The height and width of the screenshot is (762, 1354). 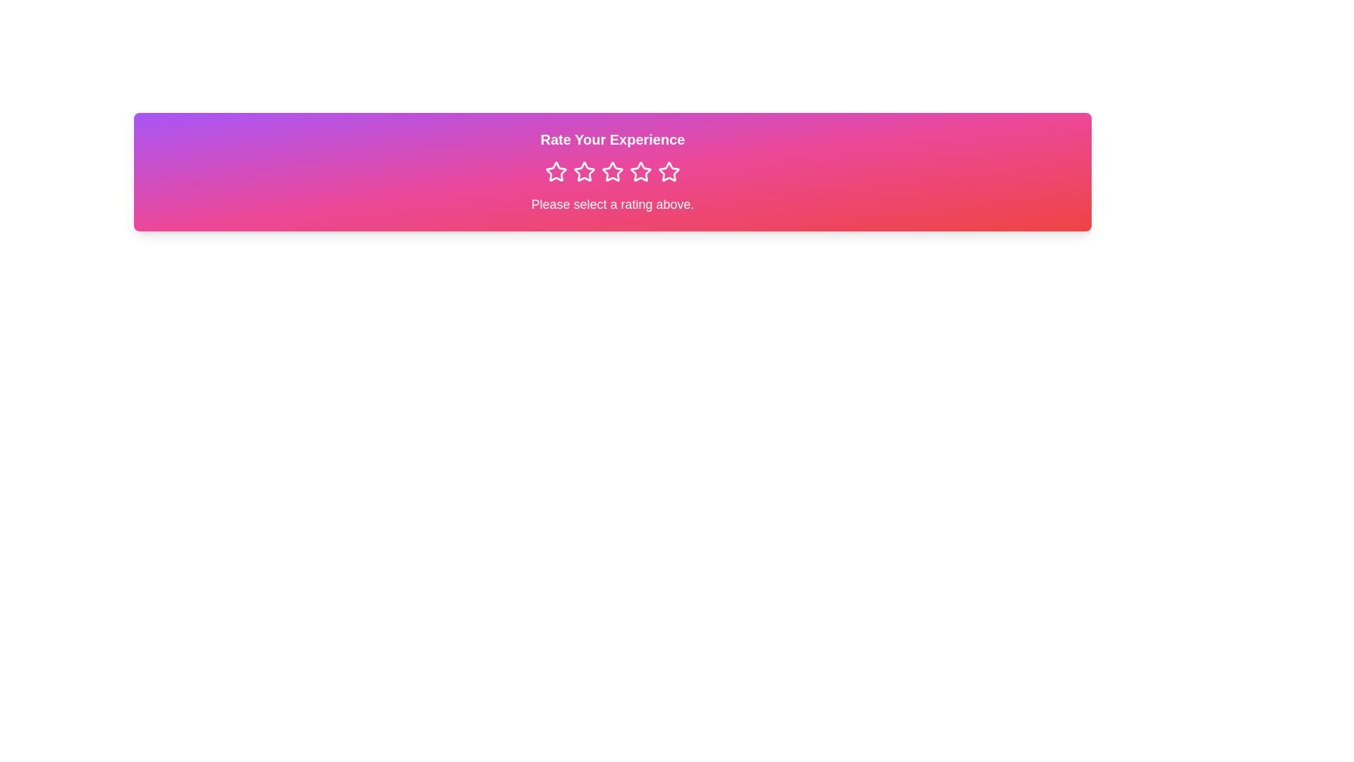 I want to click on the first star icon in the horizontal row, so click(x=555, y=171).